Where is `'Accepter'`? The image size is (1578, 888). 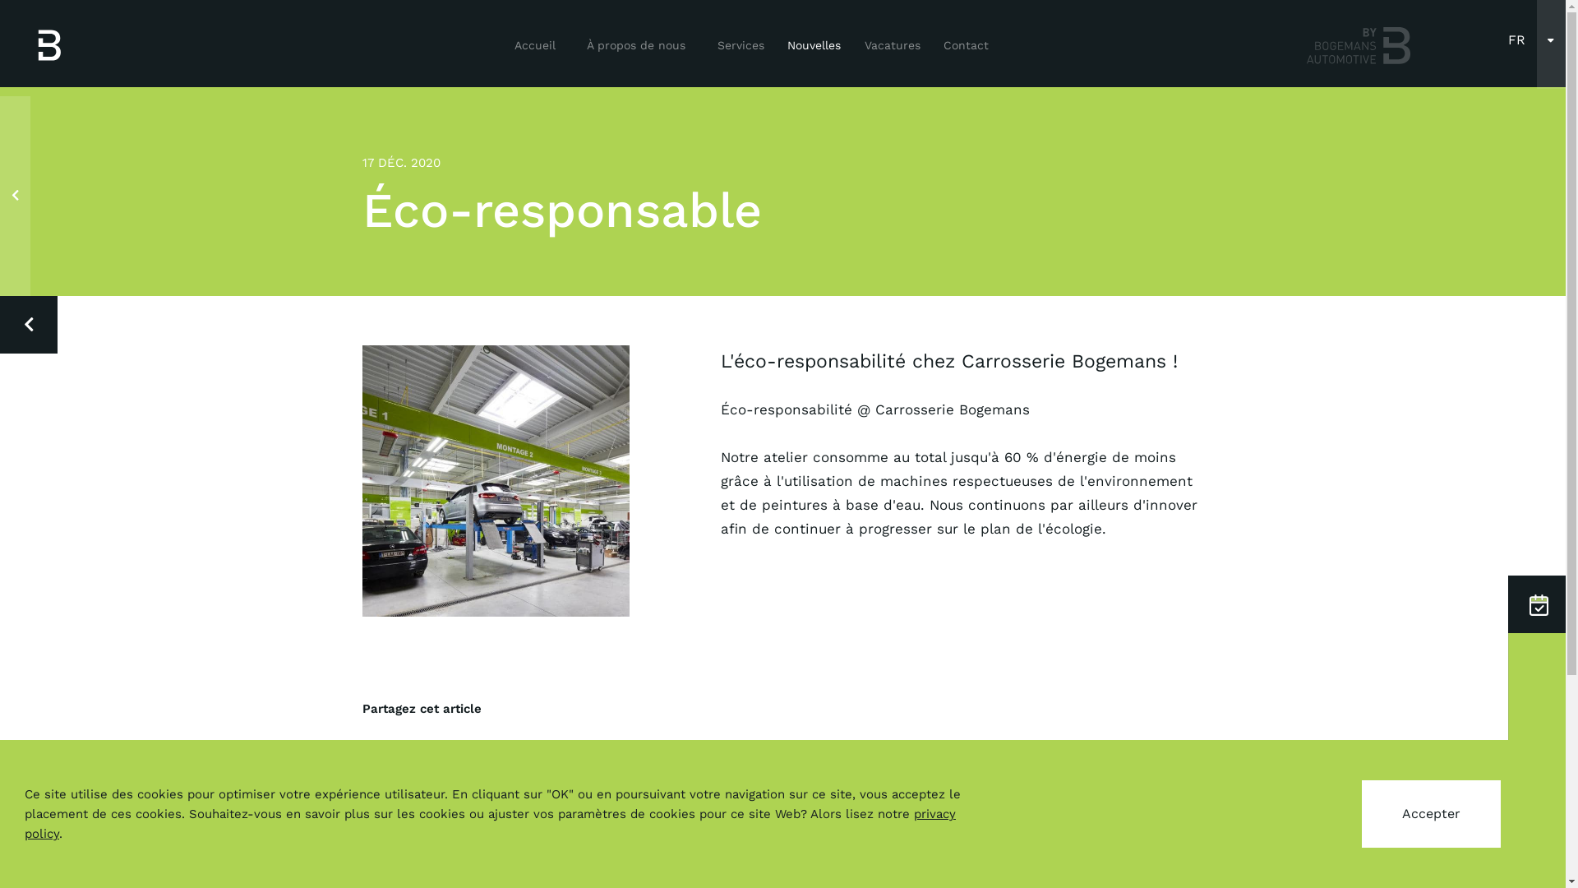
'Accepter' is located at coordinates (1430, 814).